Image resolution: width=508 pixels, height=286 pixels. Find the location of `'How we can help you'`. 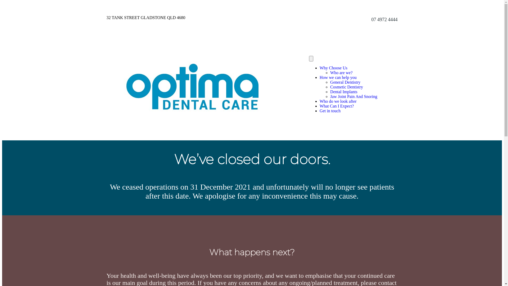

'How we can help you' is located at coordinates (338, 77).